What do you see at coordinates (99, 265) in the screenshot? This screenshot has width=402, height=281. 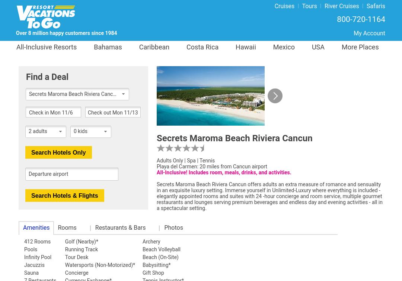 I see `'Watersports (Non-Motorized)*'` at bounding box center [99, 265].